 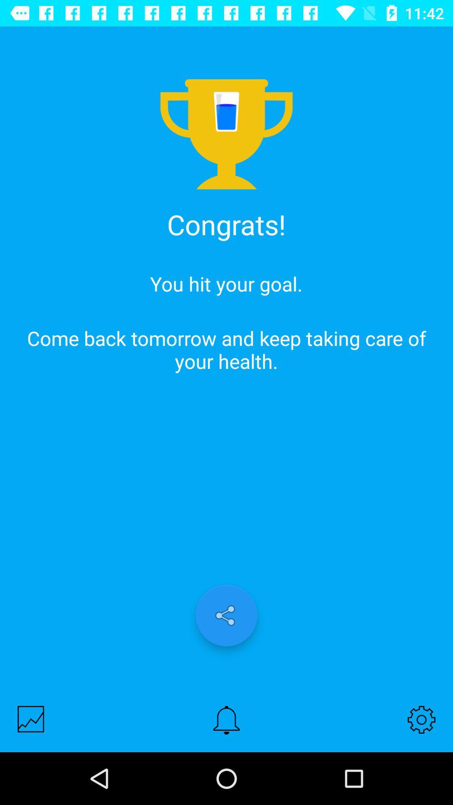 I want to click on the check icon, so click(x=30, y=719).